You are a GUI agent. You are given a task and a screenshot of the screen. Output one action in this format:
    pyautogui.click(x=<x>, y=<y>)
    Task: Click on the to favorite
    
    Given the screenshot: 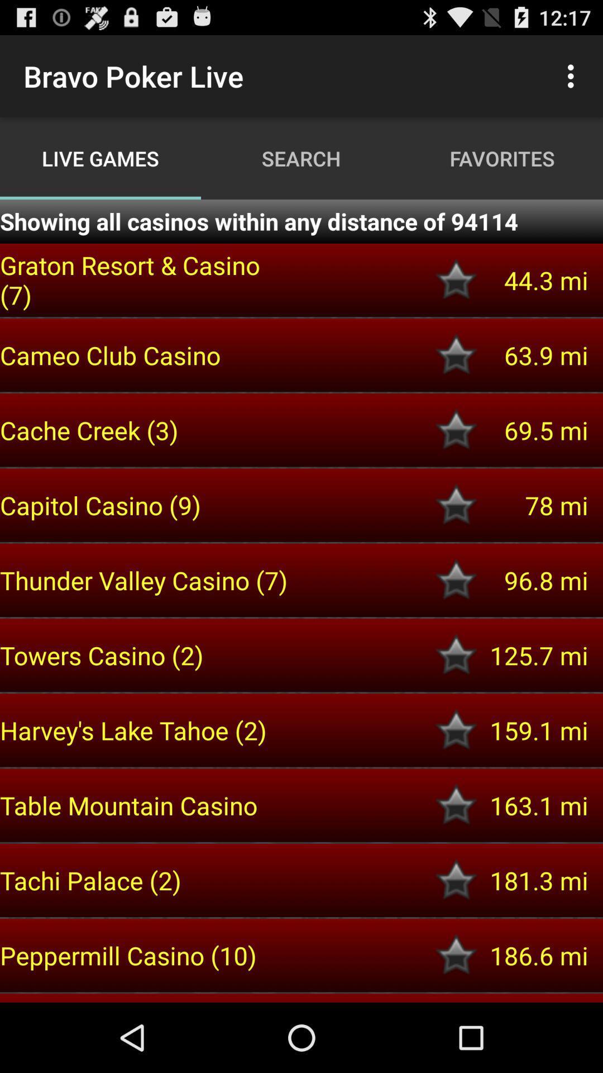 What is the action you would take?
    pyautogui.click(x=456, y=580)
    